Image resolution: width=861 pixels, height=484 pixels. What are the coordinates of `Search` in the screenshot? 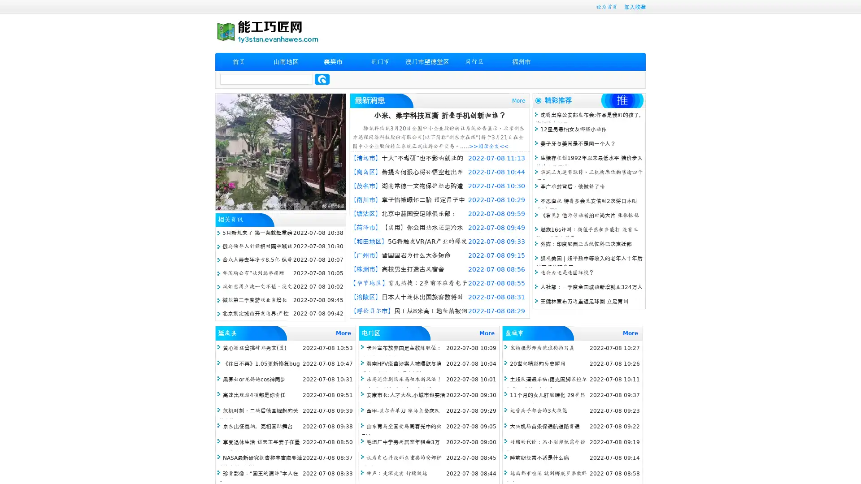 It's located at (322, 79).